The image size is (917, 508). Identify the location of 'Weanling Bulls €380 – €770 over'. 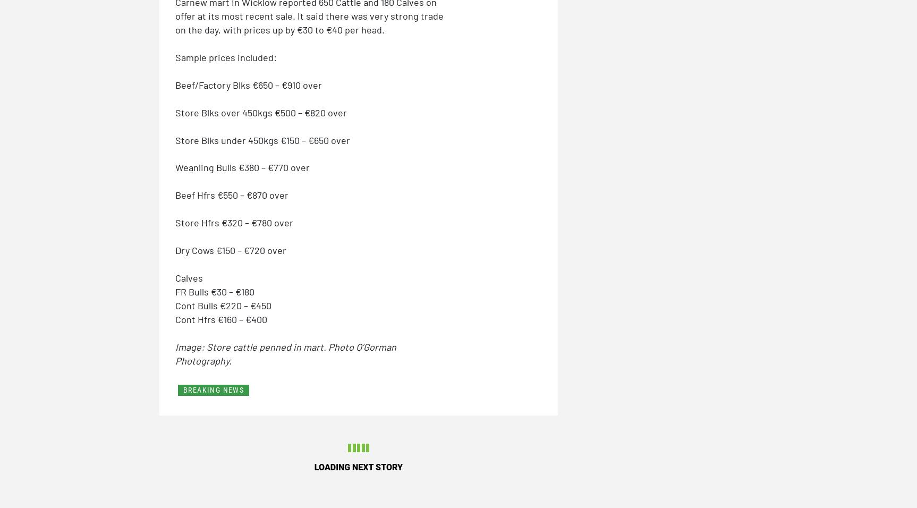
(242, 167).